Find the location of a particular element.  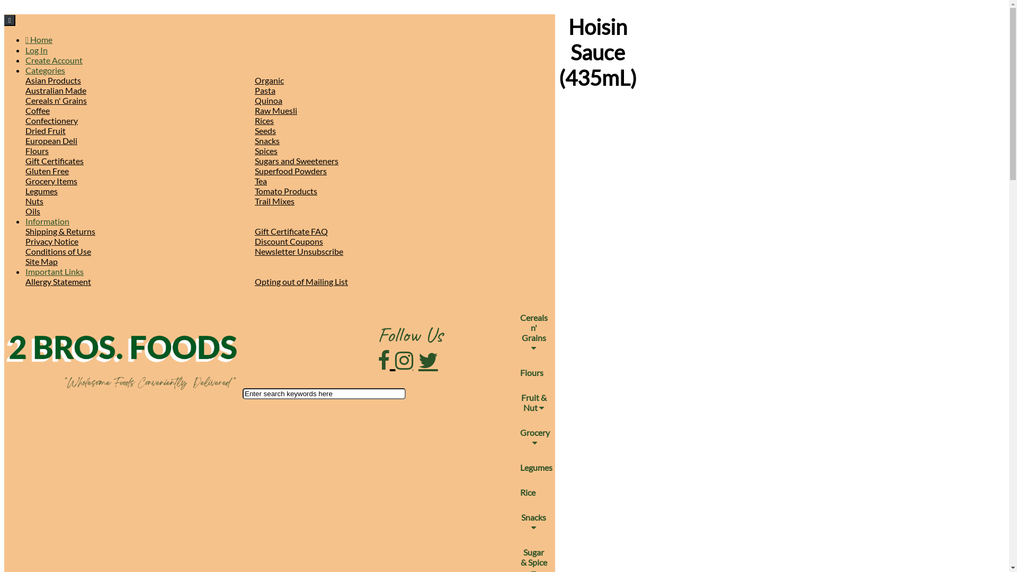

'Trail Mixes' is located at coordinates (274, 201).